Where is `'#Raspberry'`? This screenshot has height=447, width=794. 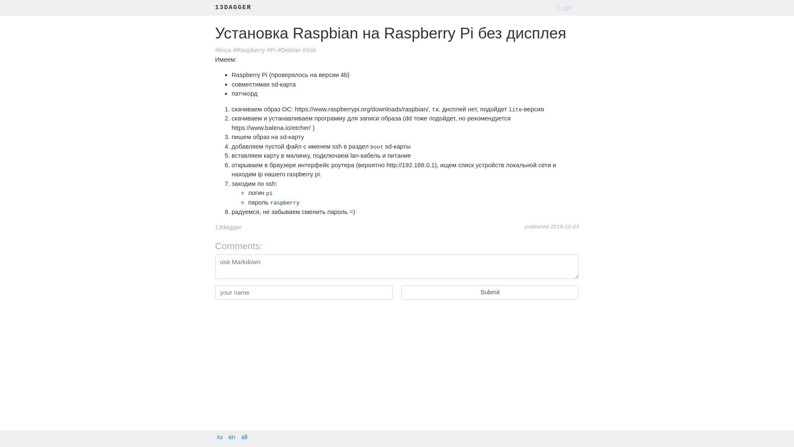 '#Raspberry' is located at coordinates (248, 50).